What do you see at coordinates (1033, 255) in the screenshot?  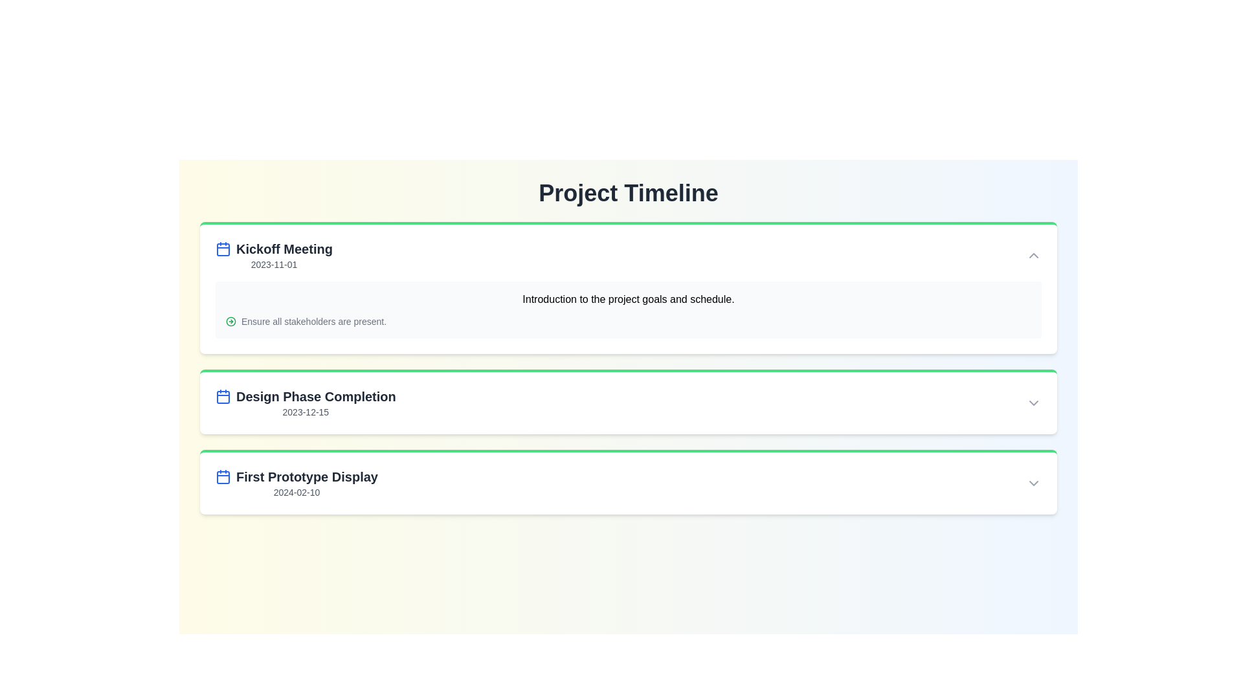 I see `the icon button that collapses or expands the 'Kickoff Meeting' section, located to the far right of the 'Kickoff Meeting' title` at bounding box center [1033, 255].